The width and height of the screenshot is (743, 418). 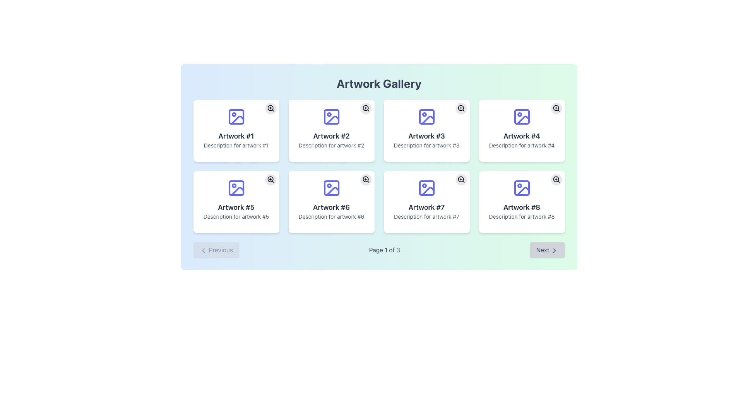 I want to click on the camera icon within the 'Artwork #7' card in the artwork gallery grid, which features a blue-themed vector design, so click(x=427, y=191).